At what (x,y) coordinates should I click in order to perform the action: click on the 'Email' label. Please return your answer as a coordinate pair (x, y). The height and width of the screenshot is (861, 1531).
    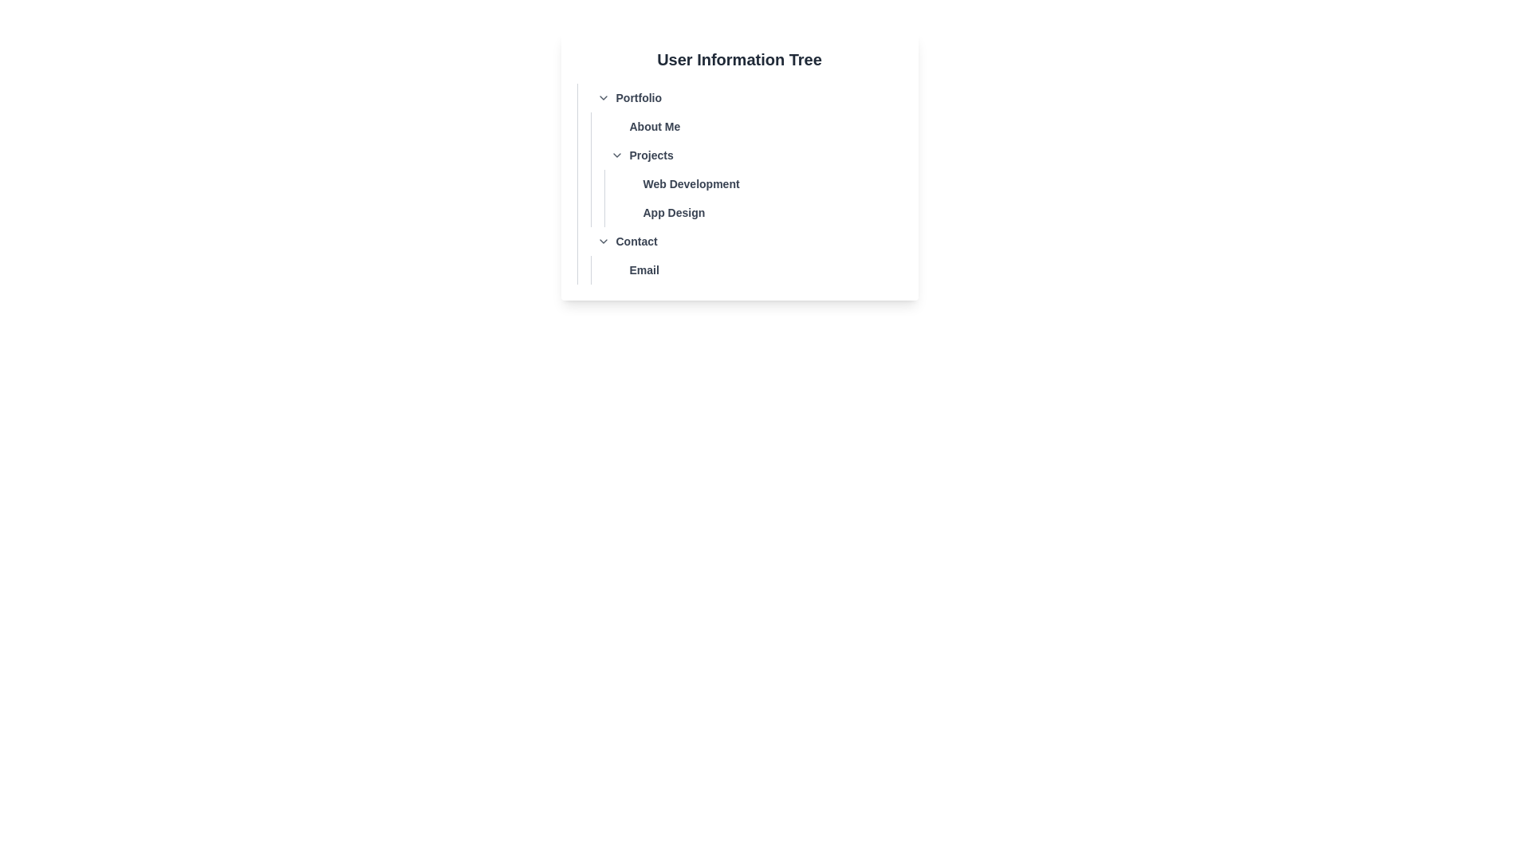
    Looking at the image, I should click on (746, 269).